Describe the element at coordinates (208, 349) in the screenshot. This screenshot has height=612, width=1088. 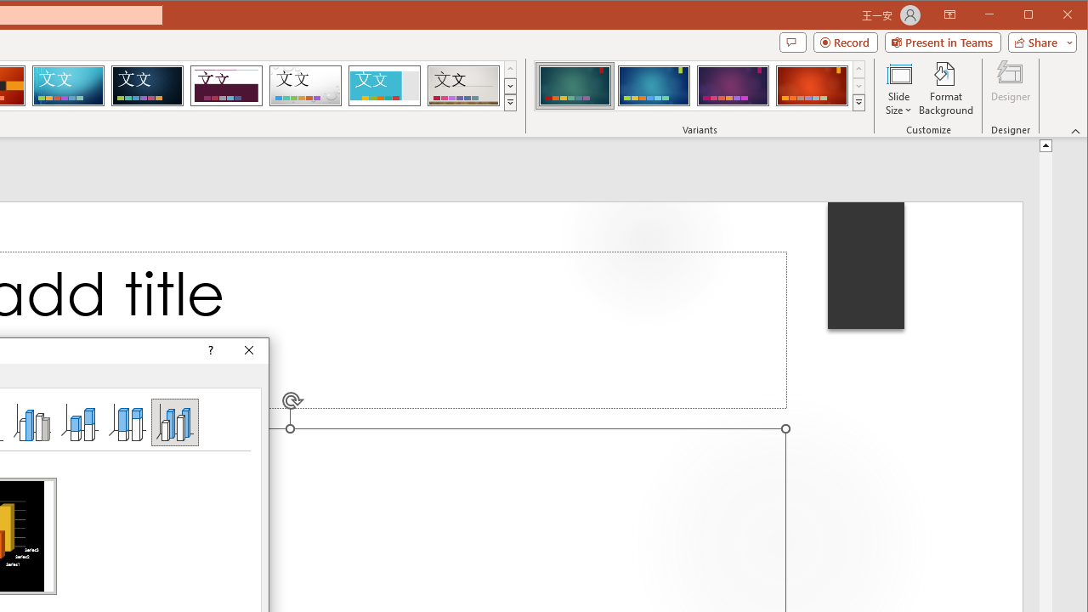
I see `'Context help'` at that location.